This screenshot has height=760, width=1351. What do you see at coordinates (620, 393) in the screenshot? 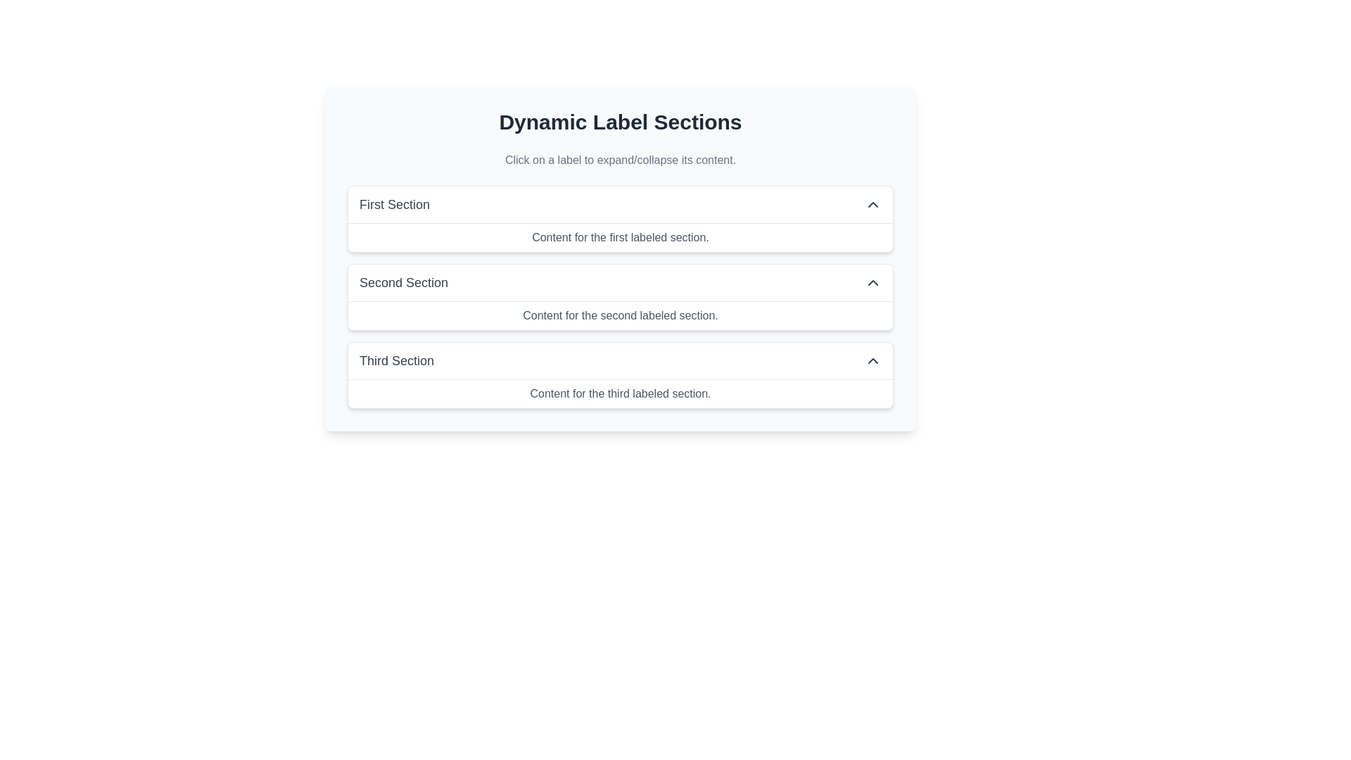
I see `the auxiliary descriptive text element located directly below the 'Third Section' header, which provides additional information for this section` at bounding box center [620, 393].